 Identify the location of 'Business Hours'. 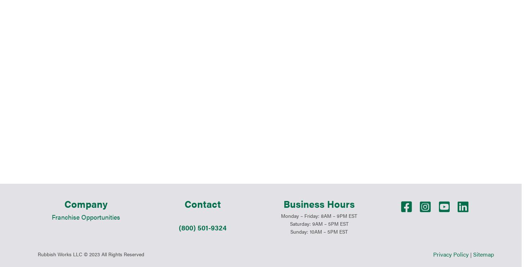
(319, 131).